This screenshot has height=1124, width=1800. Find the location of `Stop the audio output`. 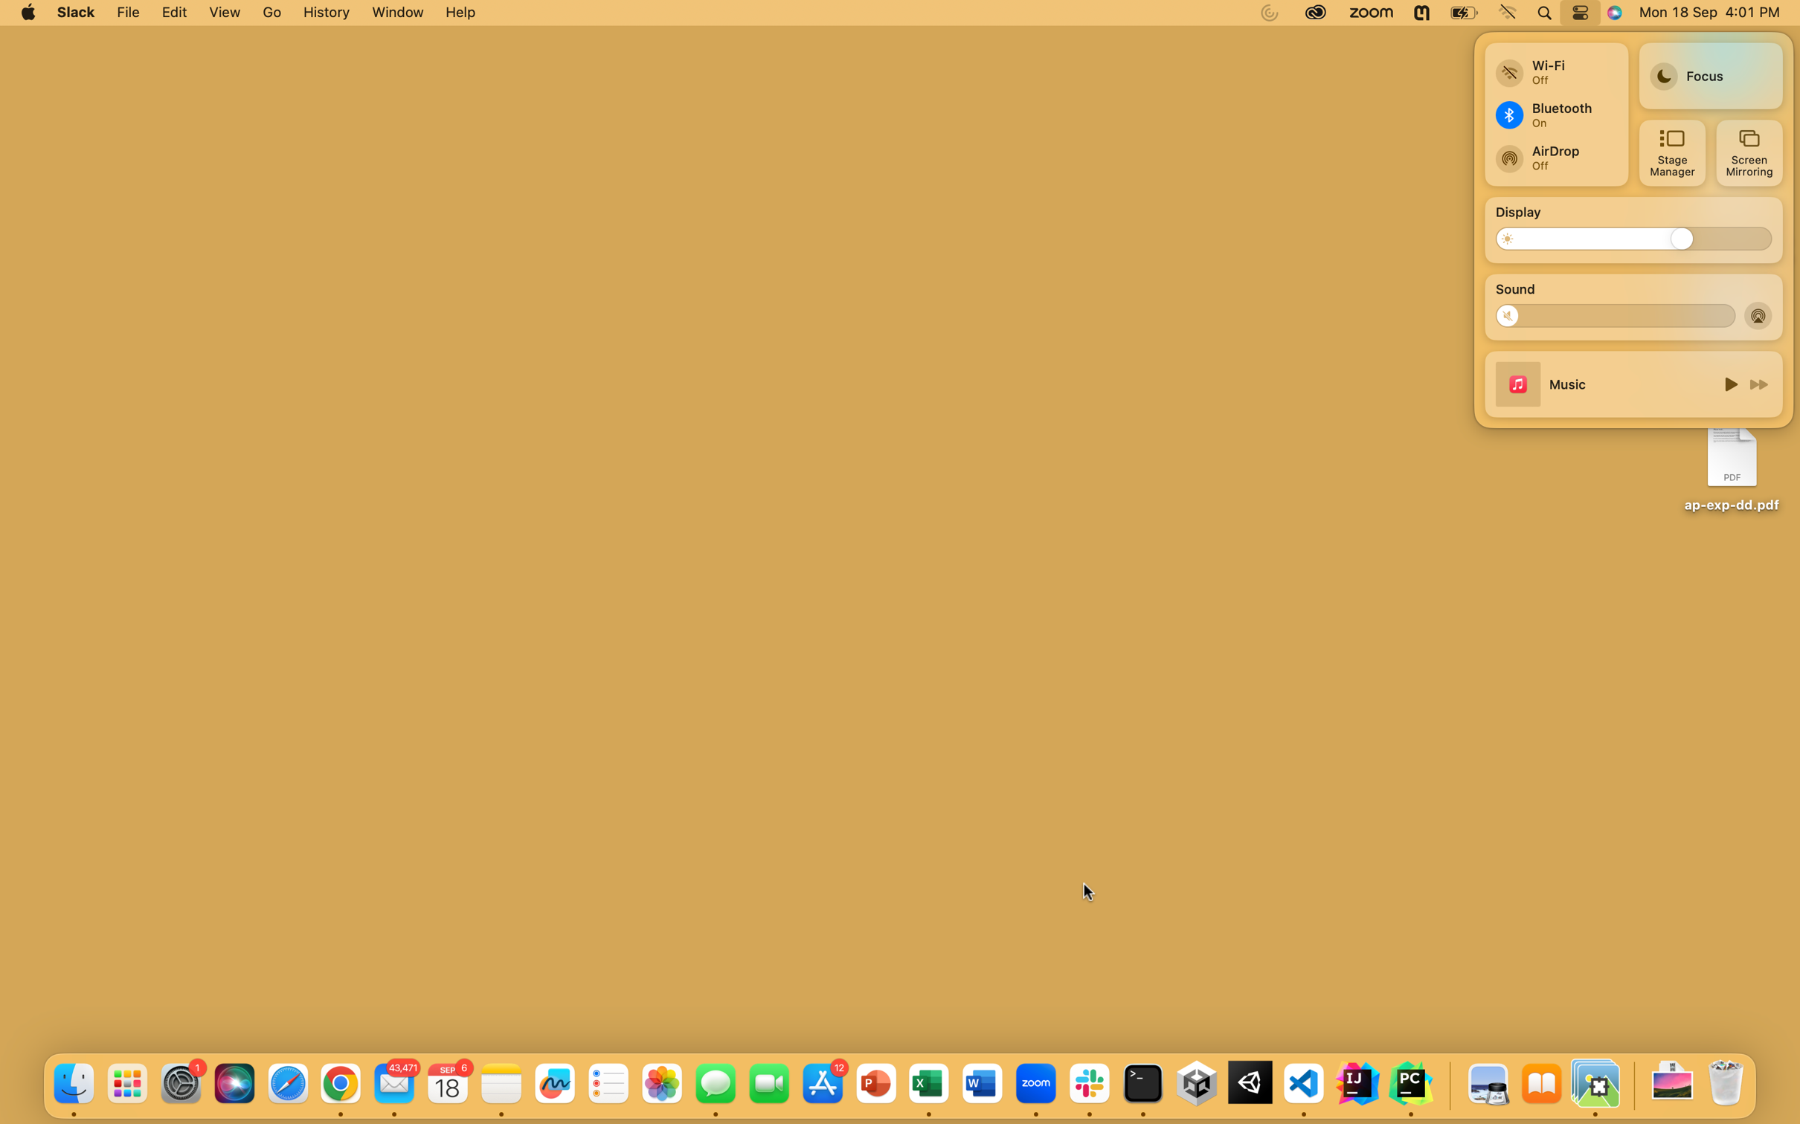

Stop the audio output is located at coordinates (1514, 314).